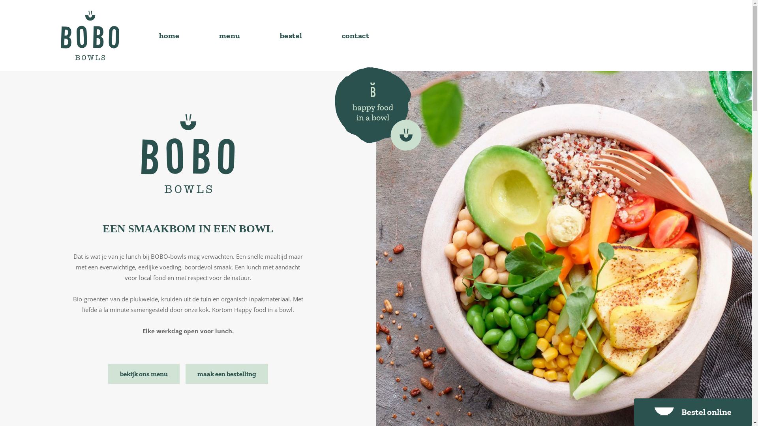  What do you see at coordinates (168, 35) in the screenshot?
I see `'home'` at bounding box center [168, 35].